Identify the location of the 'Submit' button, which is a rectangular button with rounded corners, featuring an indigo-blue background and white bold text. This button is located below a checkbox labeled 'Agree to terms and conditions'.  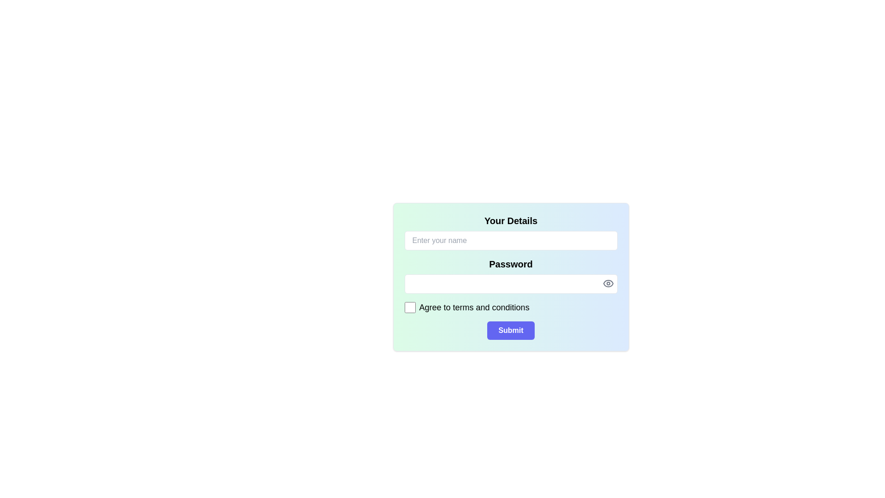
(510, 330).